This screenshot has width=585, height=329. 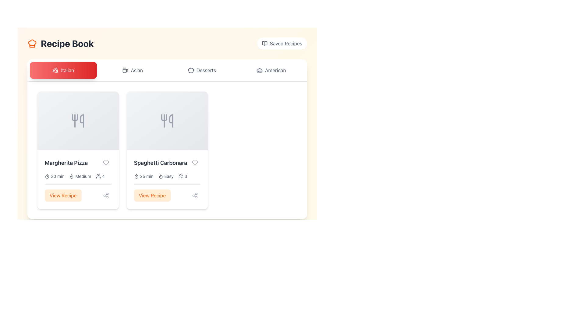 I want to click on the informative label with a flame icon and the text 'Easy', which is located in the 'Spaghetti Carbonara' recipe card, specifically the second row under the recipe title, so click(x=166, y=176).